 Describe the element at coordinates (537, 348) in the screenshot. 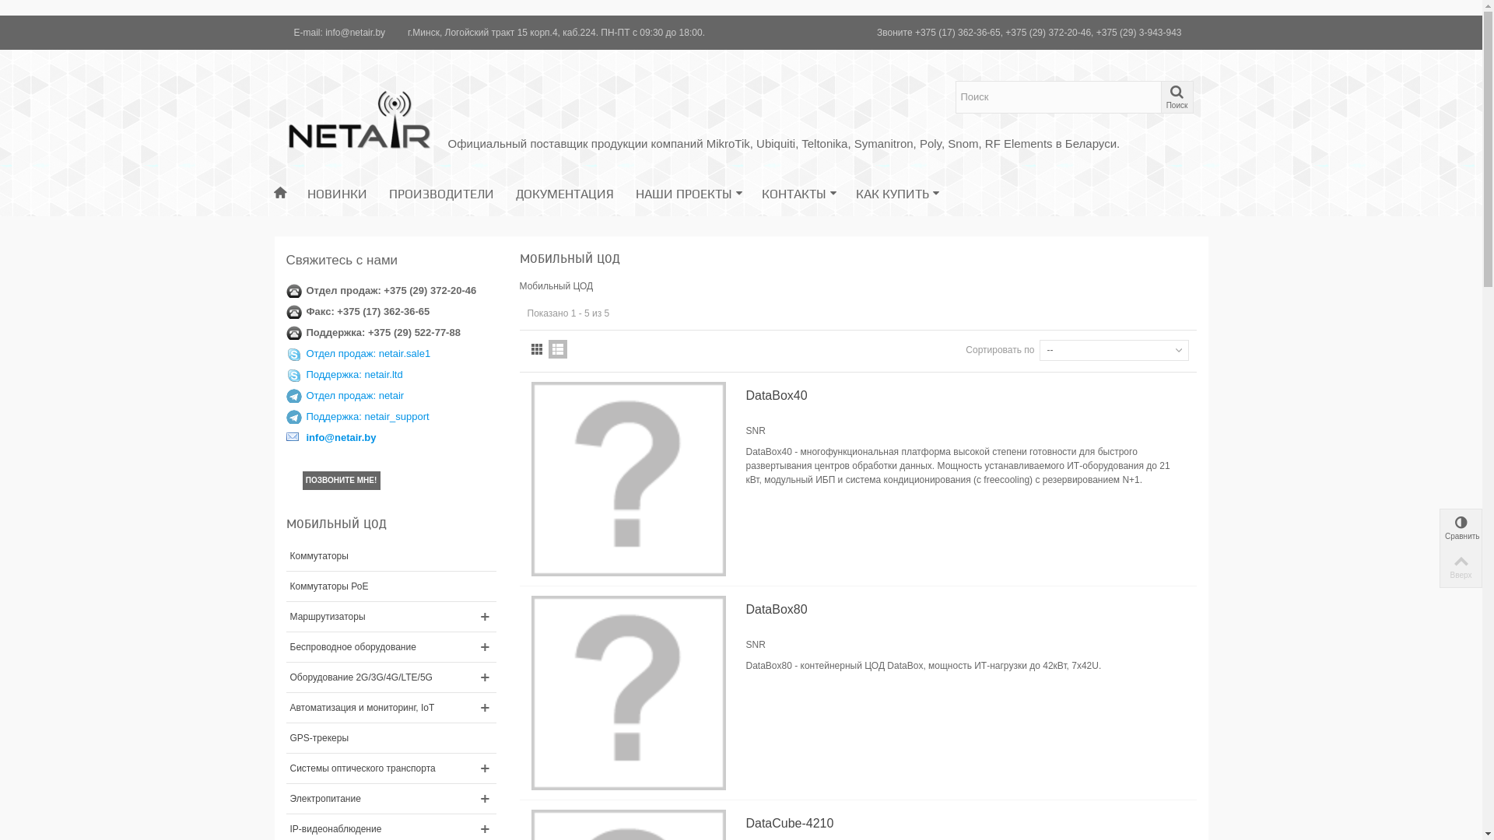

I see `'Grid'` at that location.